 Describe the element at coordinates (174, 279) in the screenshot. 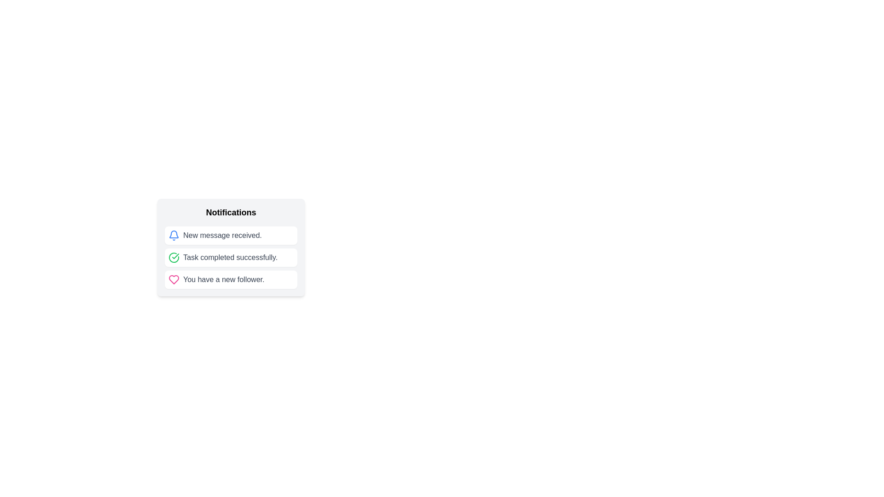

I see `the 'new follower' alert icon located in the third notification box under the 'Notifications' header` at that location.